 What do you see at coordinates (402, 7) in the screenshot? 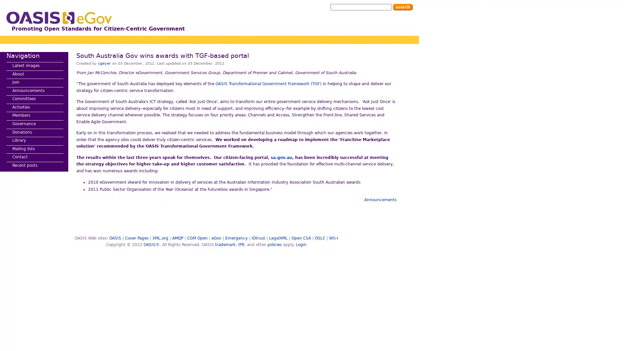
I see `Search` at bounding box center [402, 7].